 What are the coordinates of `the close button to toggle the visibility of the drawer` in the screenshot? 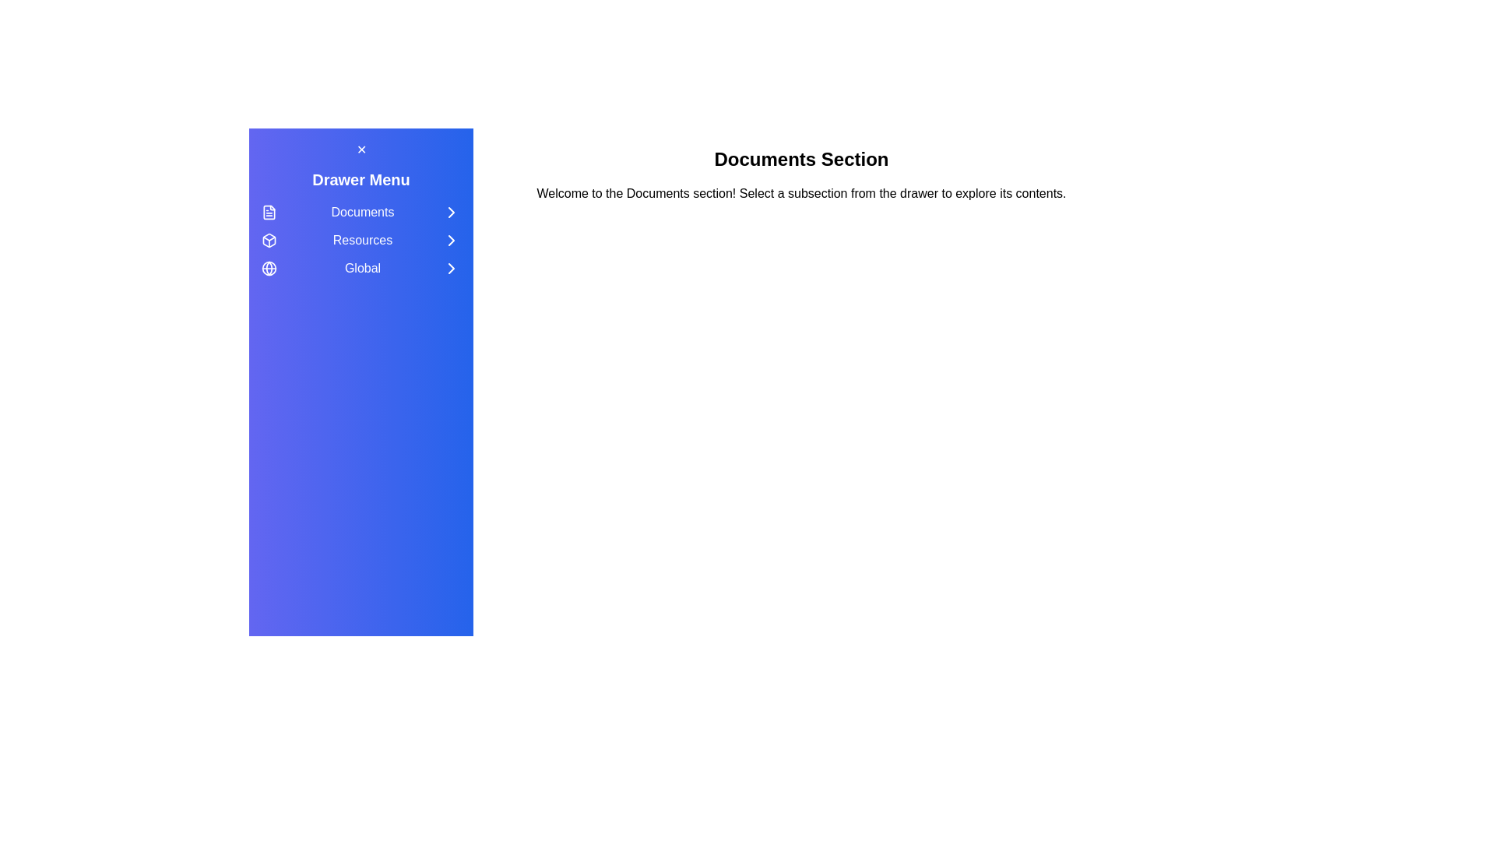 It's located at (361, 150).